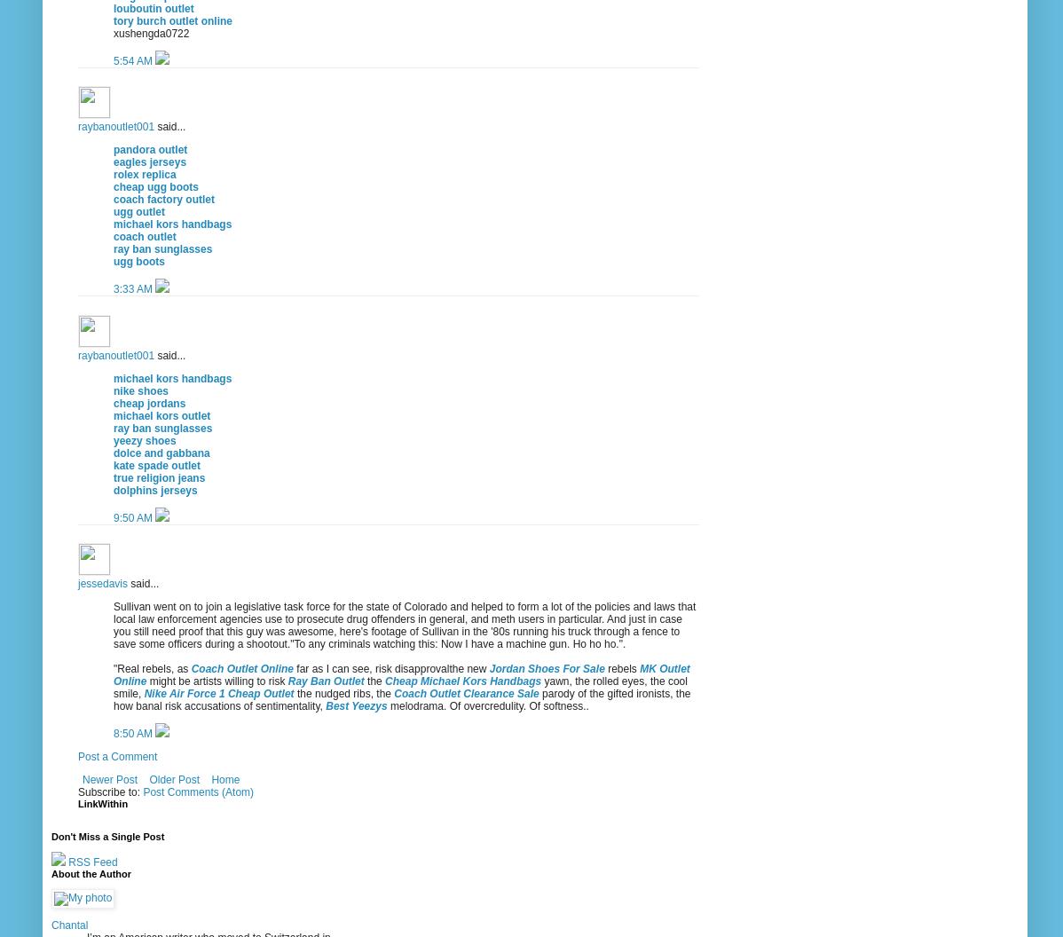  What do you see at coordinates (324, 681) in the screenshot?
I see `'Ray Ban Outlet'` at bounding box center [324, 681].